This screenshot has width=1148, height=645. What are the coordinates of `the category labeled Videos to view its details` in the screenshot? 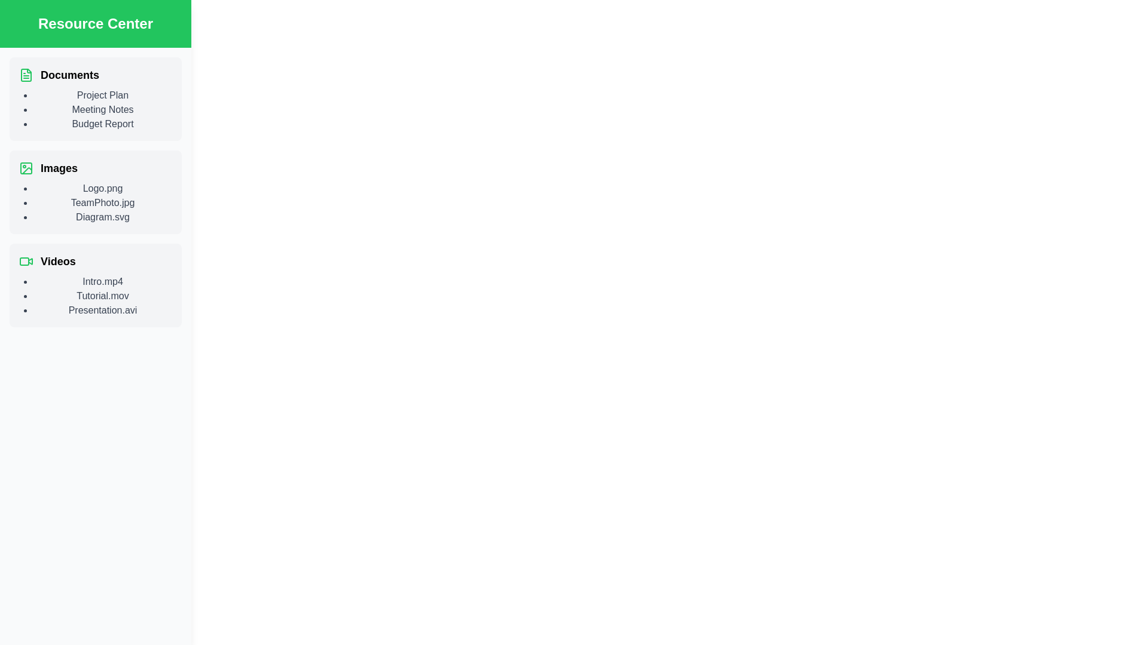 It's located at (94, 261).